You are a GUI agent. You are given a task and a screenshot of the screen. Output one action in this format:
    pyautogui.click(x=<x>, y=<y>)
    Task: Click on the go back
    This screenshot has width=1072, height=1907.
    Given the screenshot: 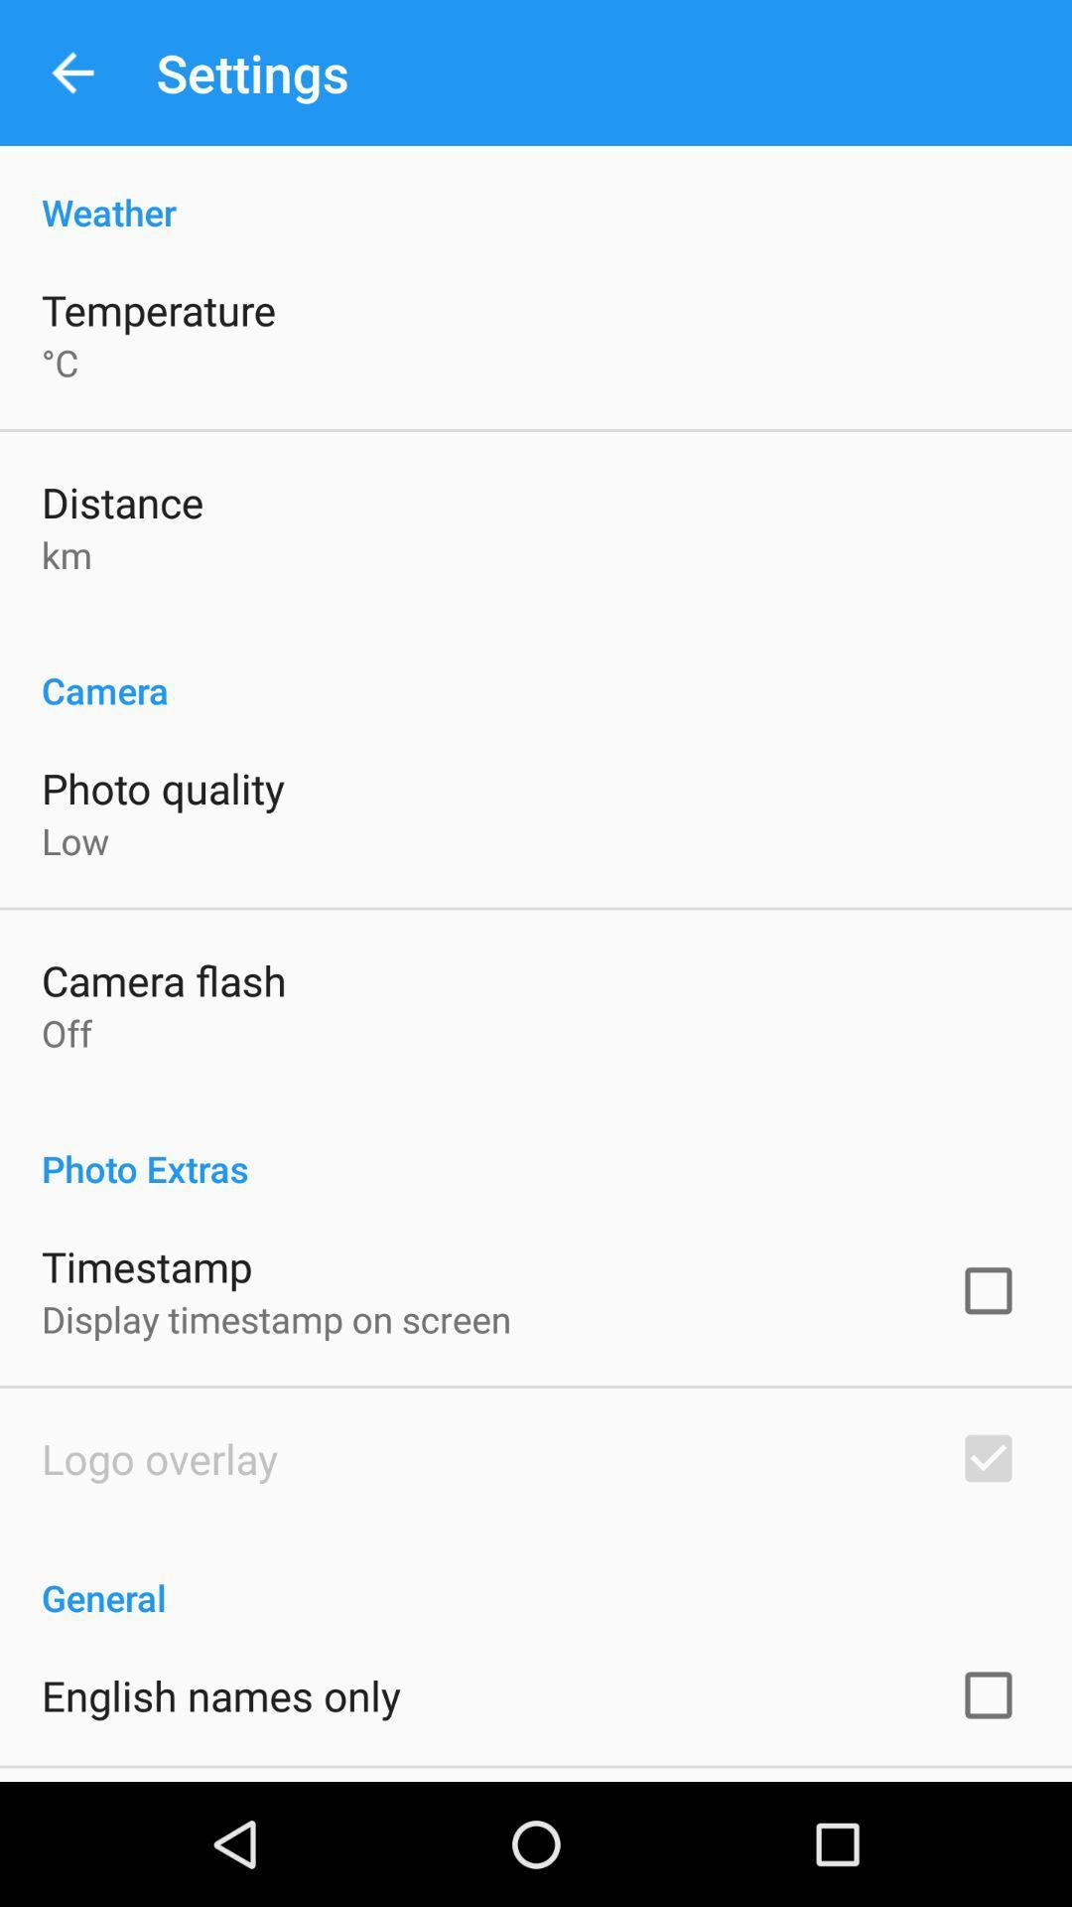 What is the action you would take?
    pyautogui.click(x=71, y=73)
    